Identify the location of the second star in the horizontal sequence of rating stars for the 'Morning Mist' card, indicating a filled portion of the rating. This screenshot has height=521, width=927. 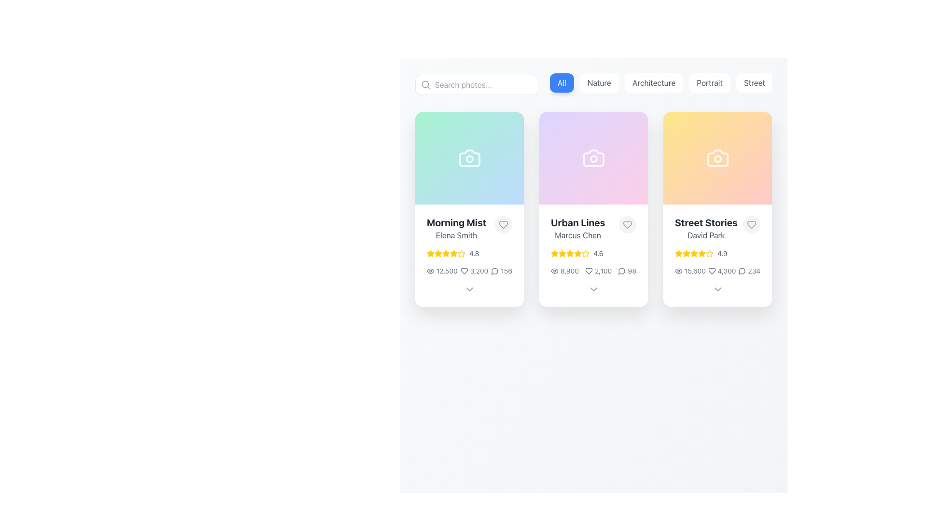
(461, 253).